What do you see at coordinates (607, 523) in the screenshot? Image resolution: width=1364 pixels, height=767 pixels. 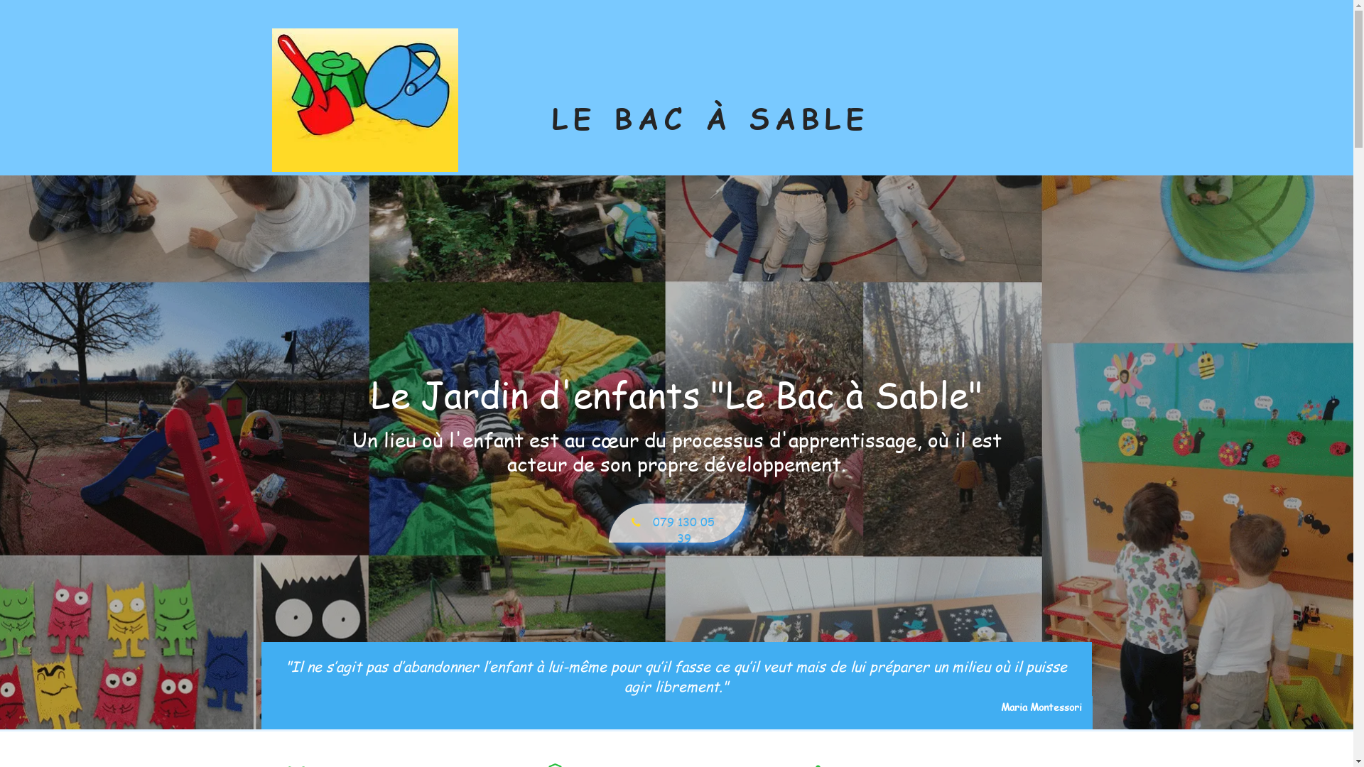 I see `'079 130 05 39'` at bounding box center [607, 523].